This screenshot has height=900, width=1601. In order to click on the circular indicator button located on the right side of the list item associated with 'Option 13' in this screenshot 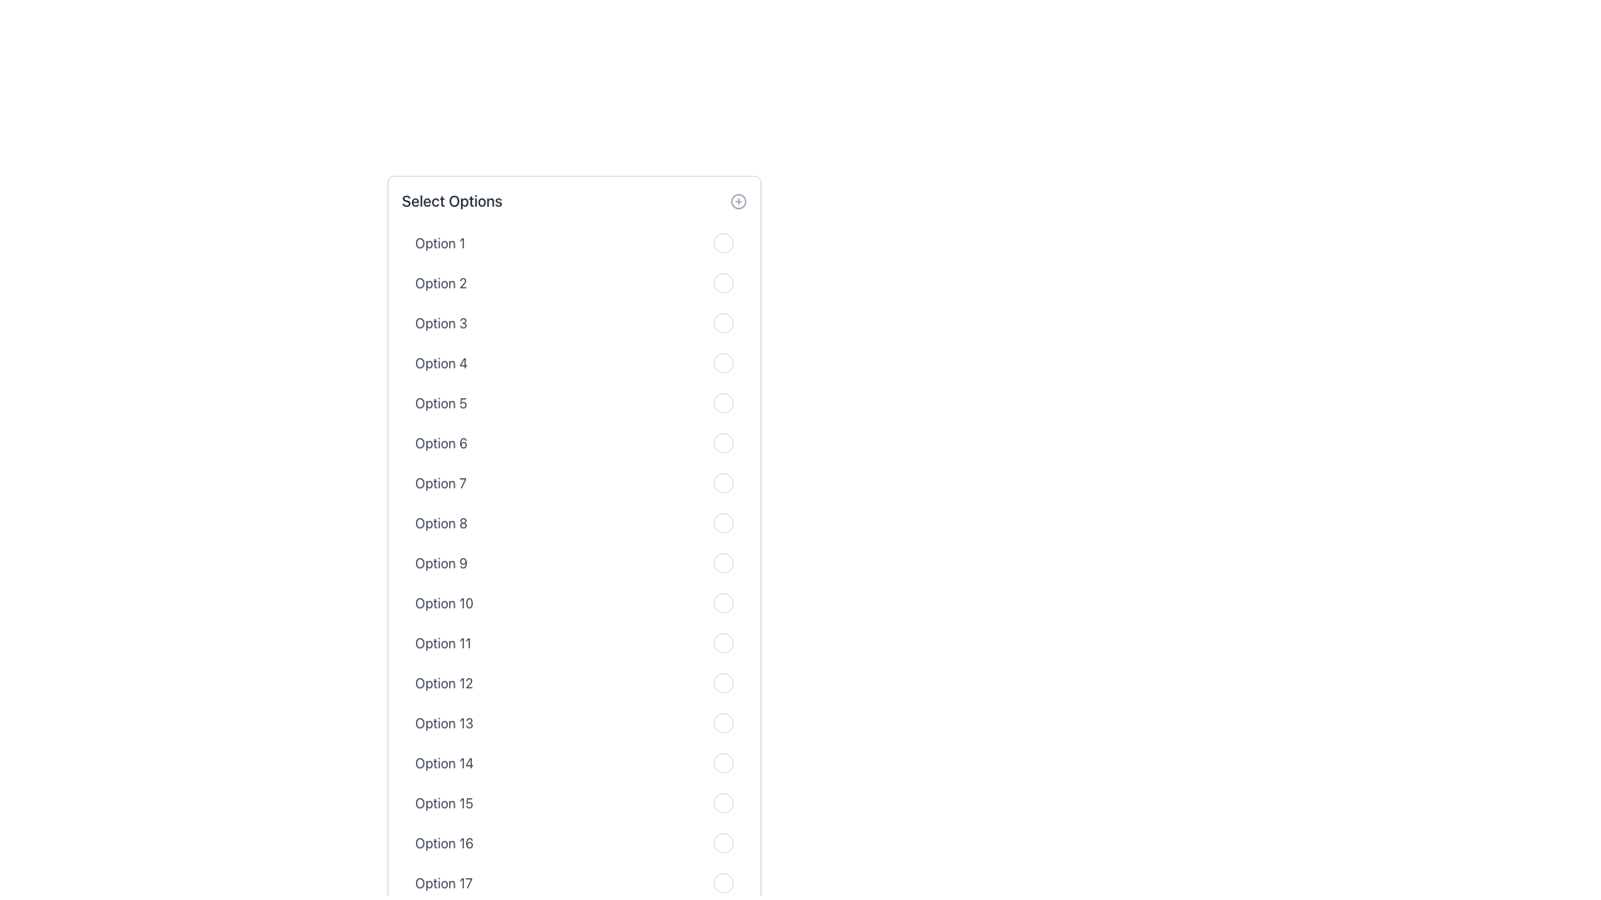, I will do `click(724, 722)`.